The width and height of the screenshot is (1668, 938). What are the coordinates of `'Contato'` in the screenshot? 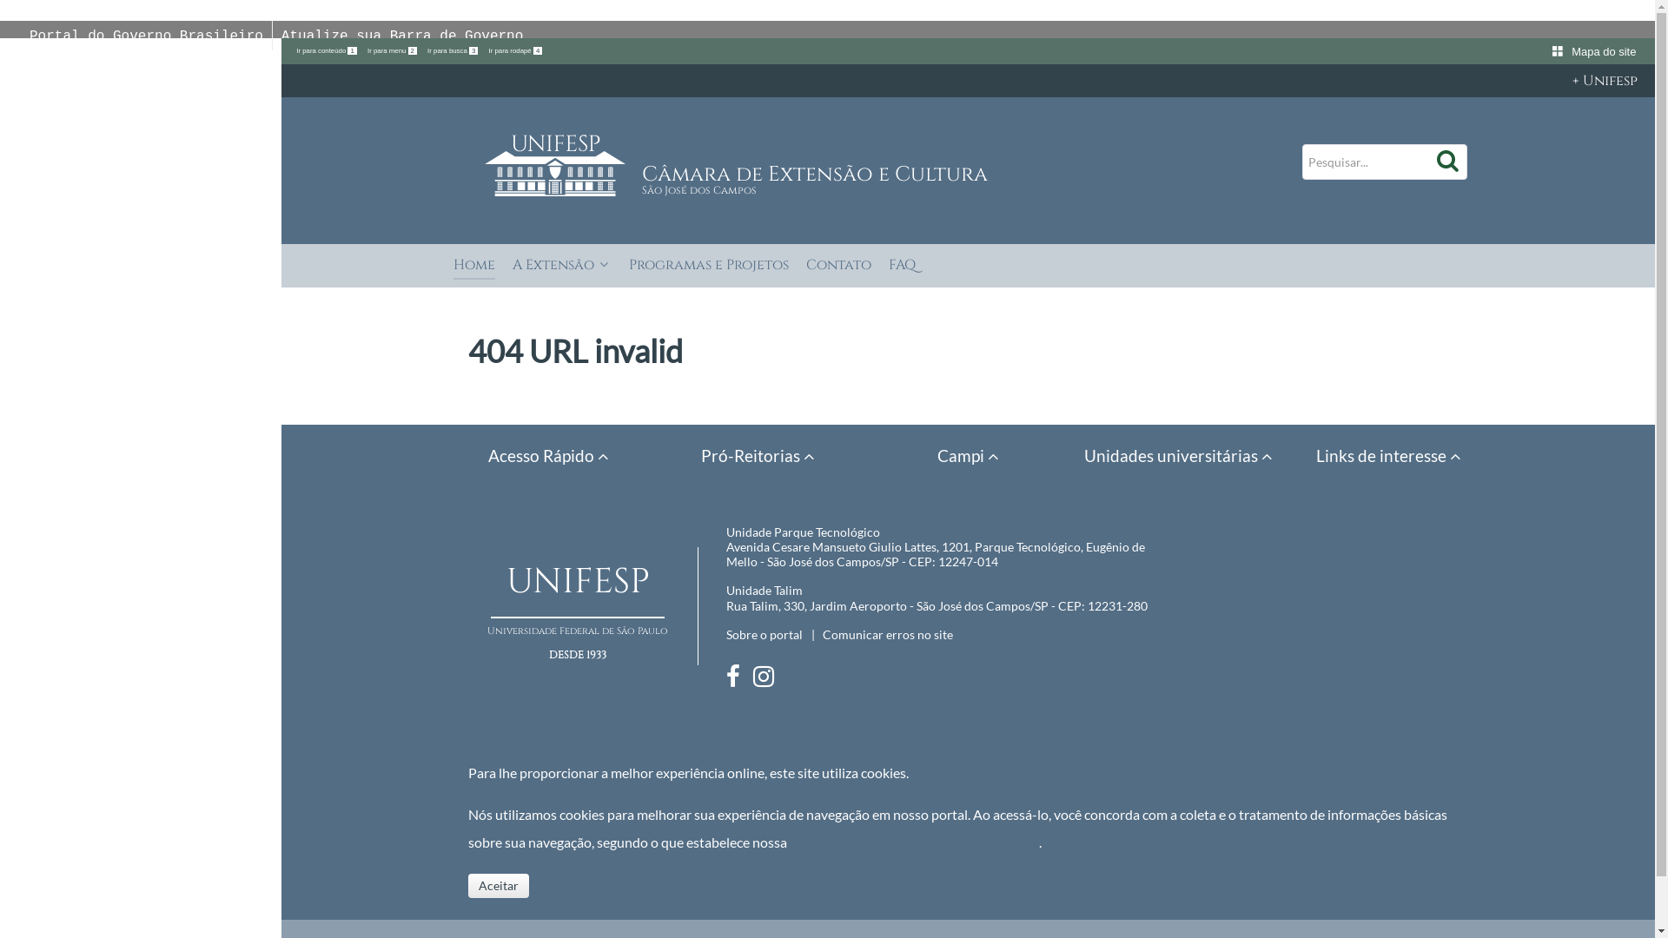 It's located at (838, 267).